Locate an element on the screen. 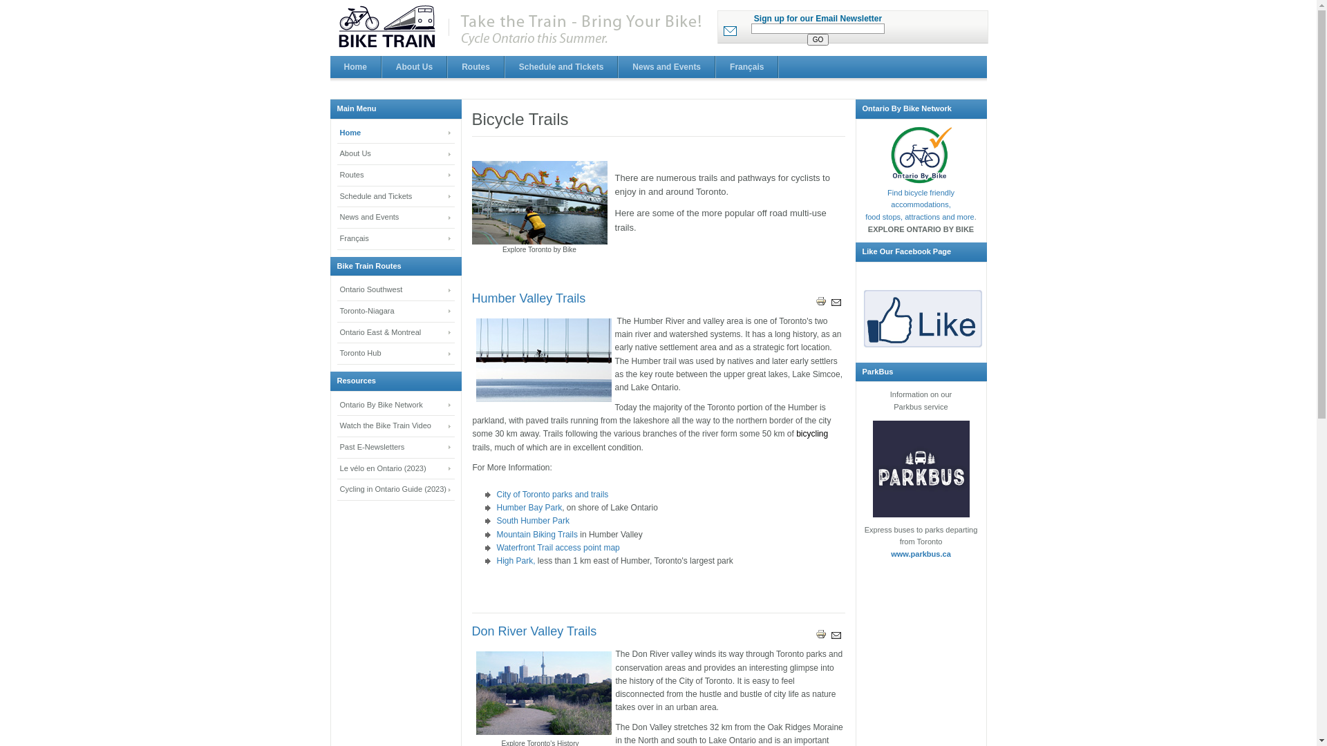 Image resolution: width=1327 pixels, height=746 pixels. 'Past E-Newsletters' is located at coordinates (395, 448).